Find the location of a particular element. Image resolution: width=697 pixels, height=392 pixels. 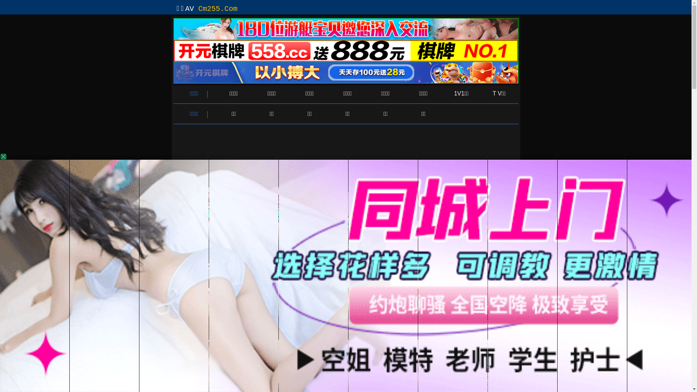

'Cm255.Com' is located at coordinates (198, 9).